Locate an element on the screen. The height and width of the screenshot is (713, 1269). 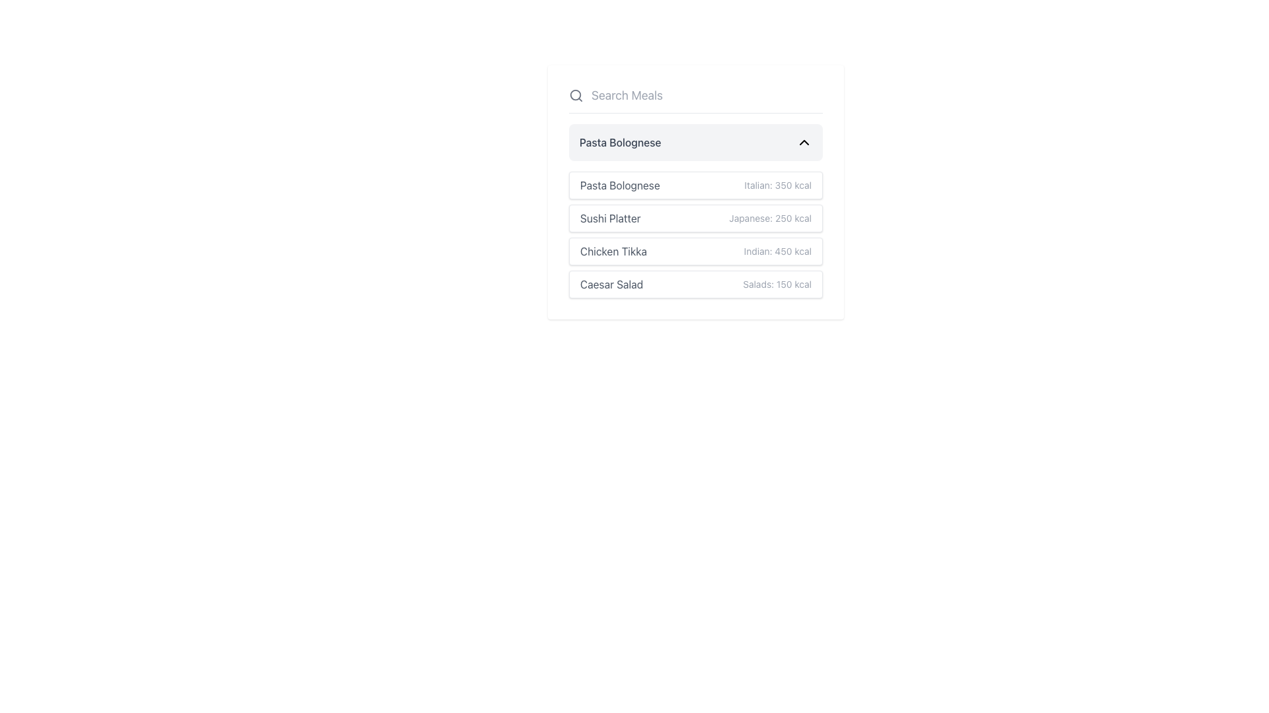
text label displaying 'Salads: 150 kcal' located to the right of the 'Caesar Salad' list item is located at coordinates (777, 284).